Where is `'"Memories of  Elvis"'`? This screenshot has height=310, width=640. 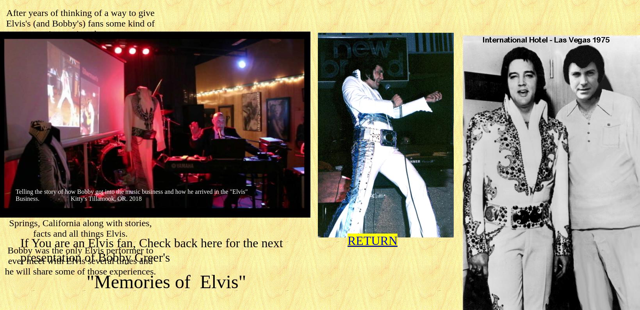 '"Memories of  Elvis"' is located at coordinates (166, 282).